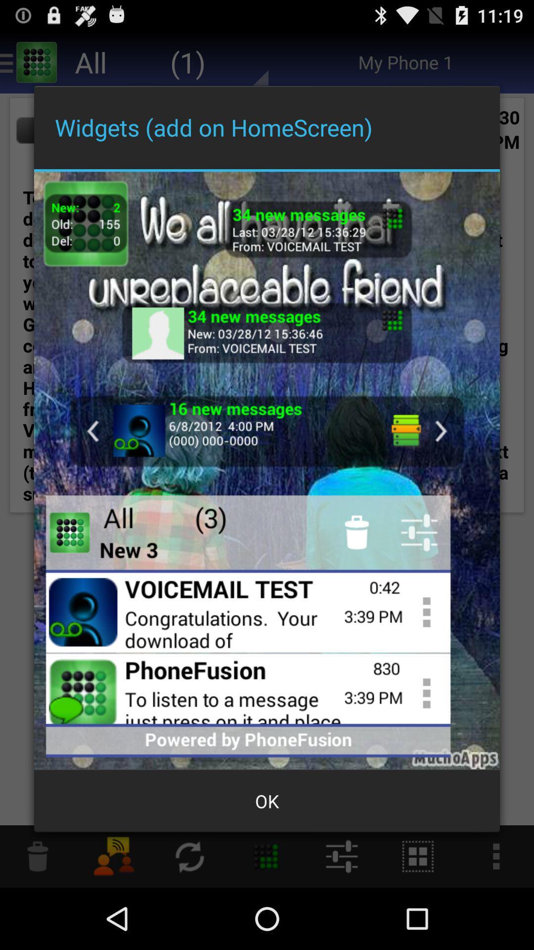  Describe the element at coordinates (267, 431) in the screenshot. I see `access voicemail` at that location.